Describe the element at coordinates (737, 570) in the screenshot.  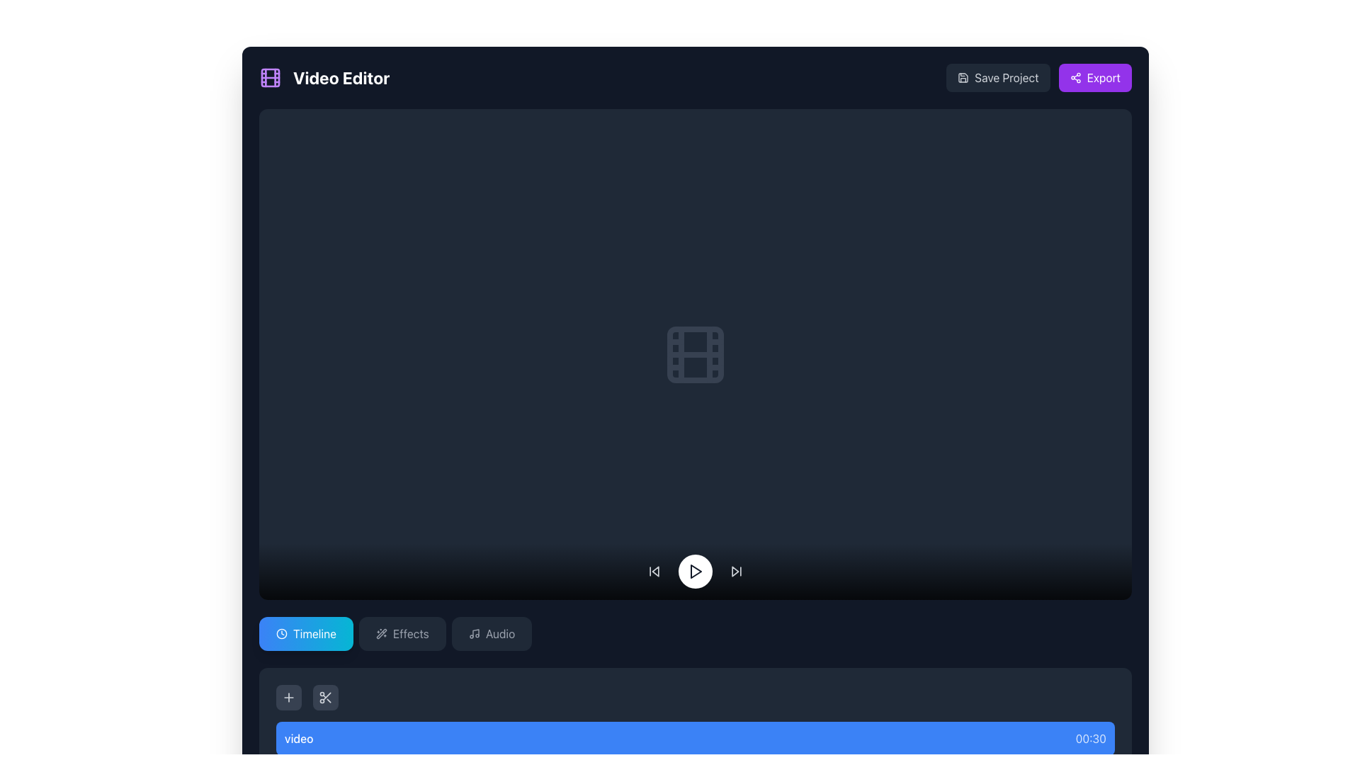
I see `the 'skip forward' button located to the right of the central 'play' button at the bottom middle of the interface` at that location.